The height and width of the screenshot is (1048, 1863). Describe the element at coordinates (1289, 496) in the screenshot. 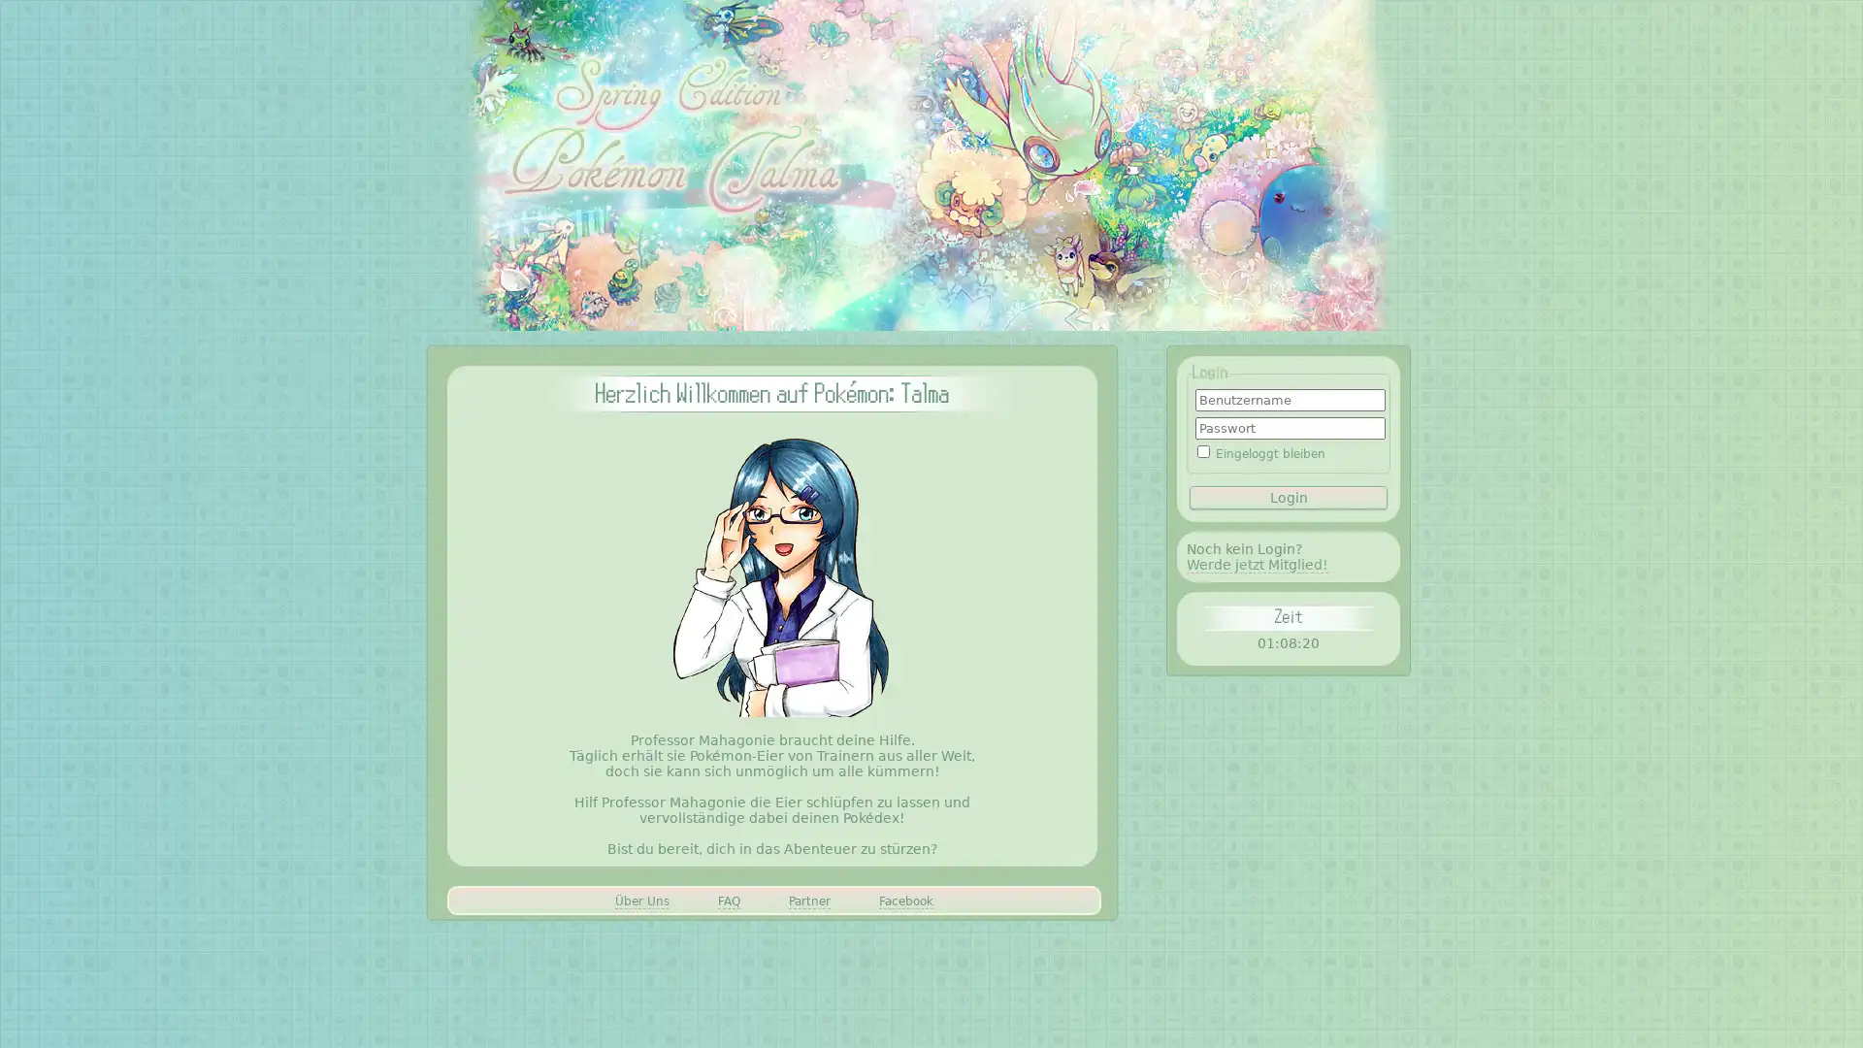

I see `Login` at that location.